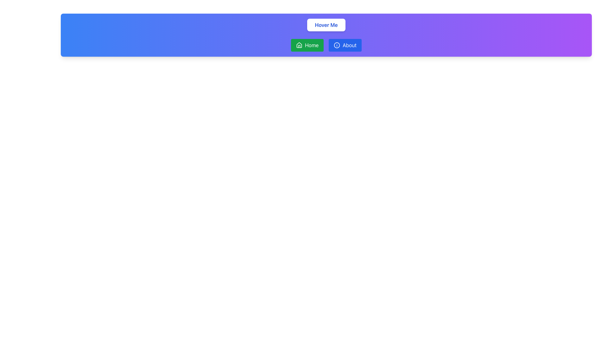  What do you see at coordinates (299, 45) in the screenshot?
I see `the 'Home' icon, which represents the homepage navigation functionality and is centrally located within the 'Home' button` at bounding box center [299, 45].